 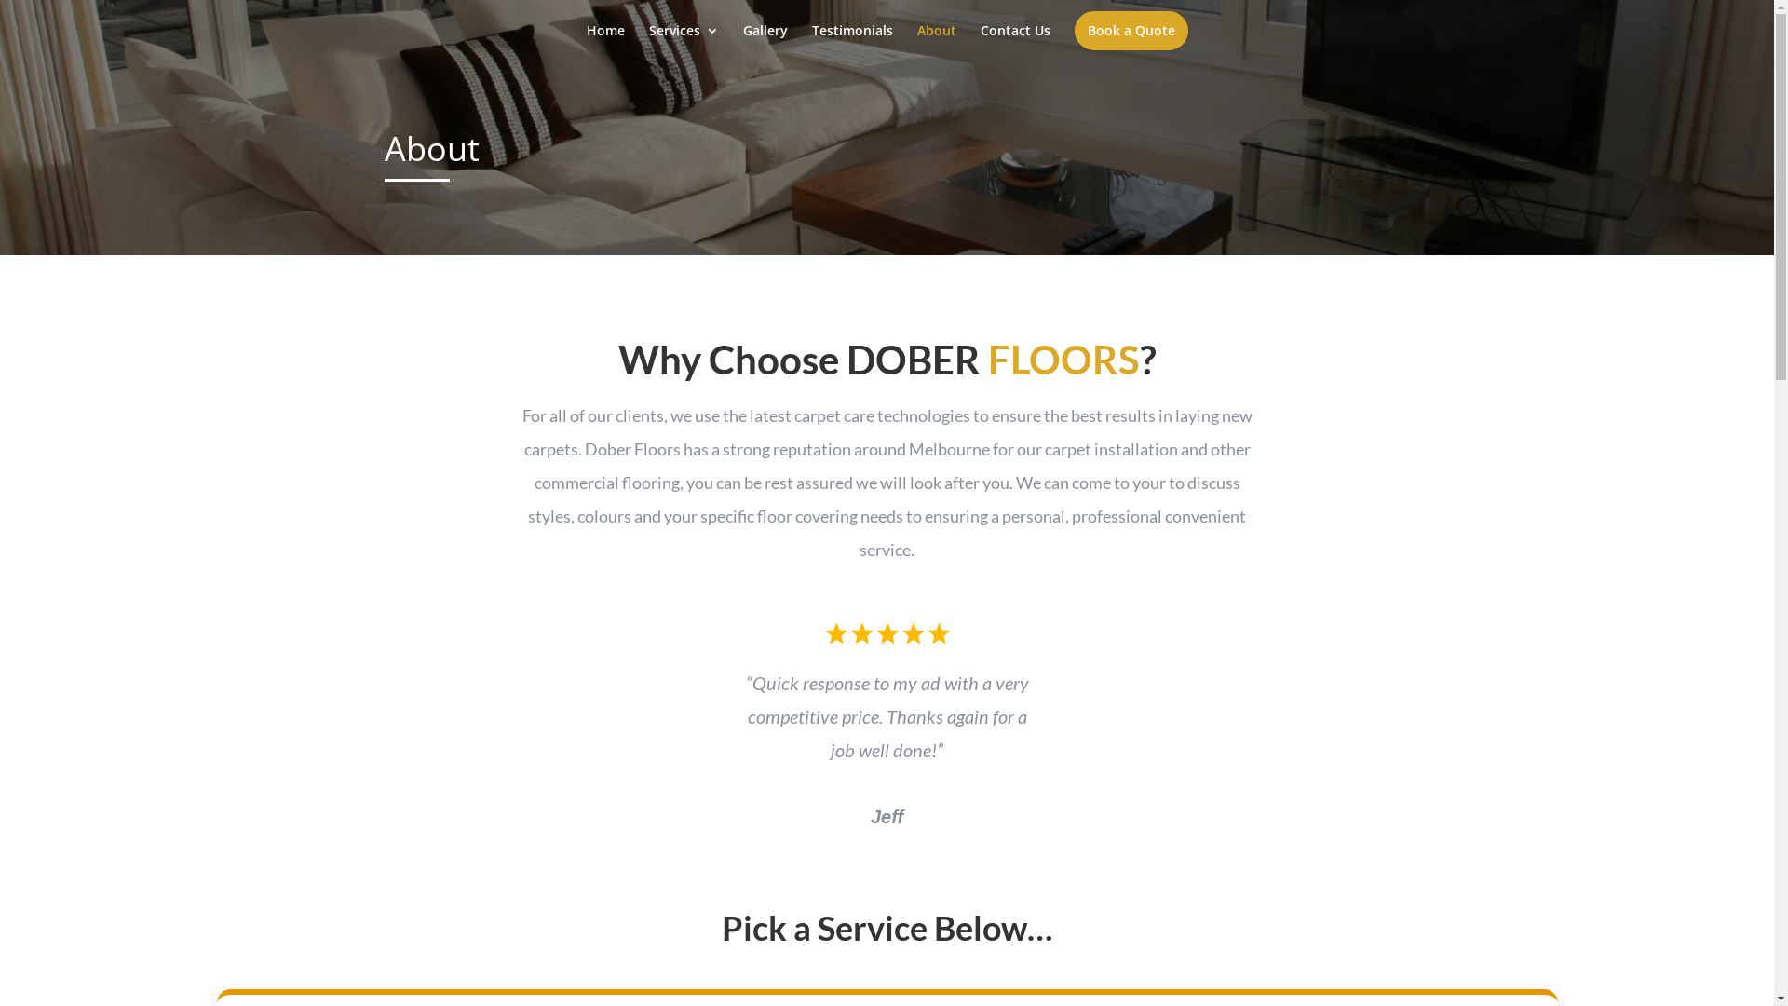 What do you see at coordinates (991, 359) in the screenshot?
I see `'DOBER FLOORS'` at bounding box center [991, 359].